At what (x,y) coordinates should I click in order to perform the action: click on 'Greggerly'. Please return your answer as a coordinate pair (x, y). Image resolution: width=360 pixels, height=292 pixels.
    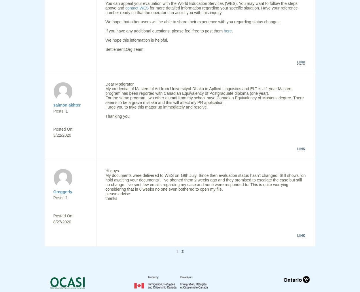
    Looking at the image, I should click on (62, 192).